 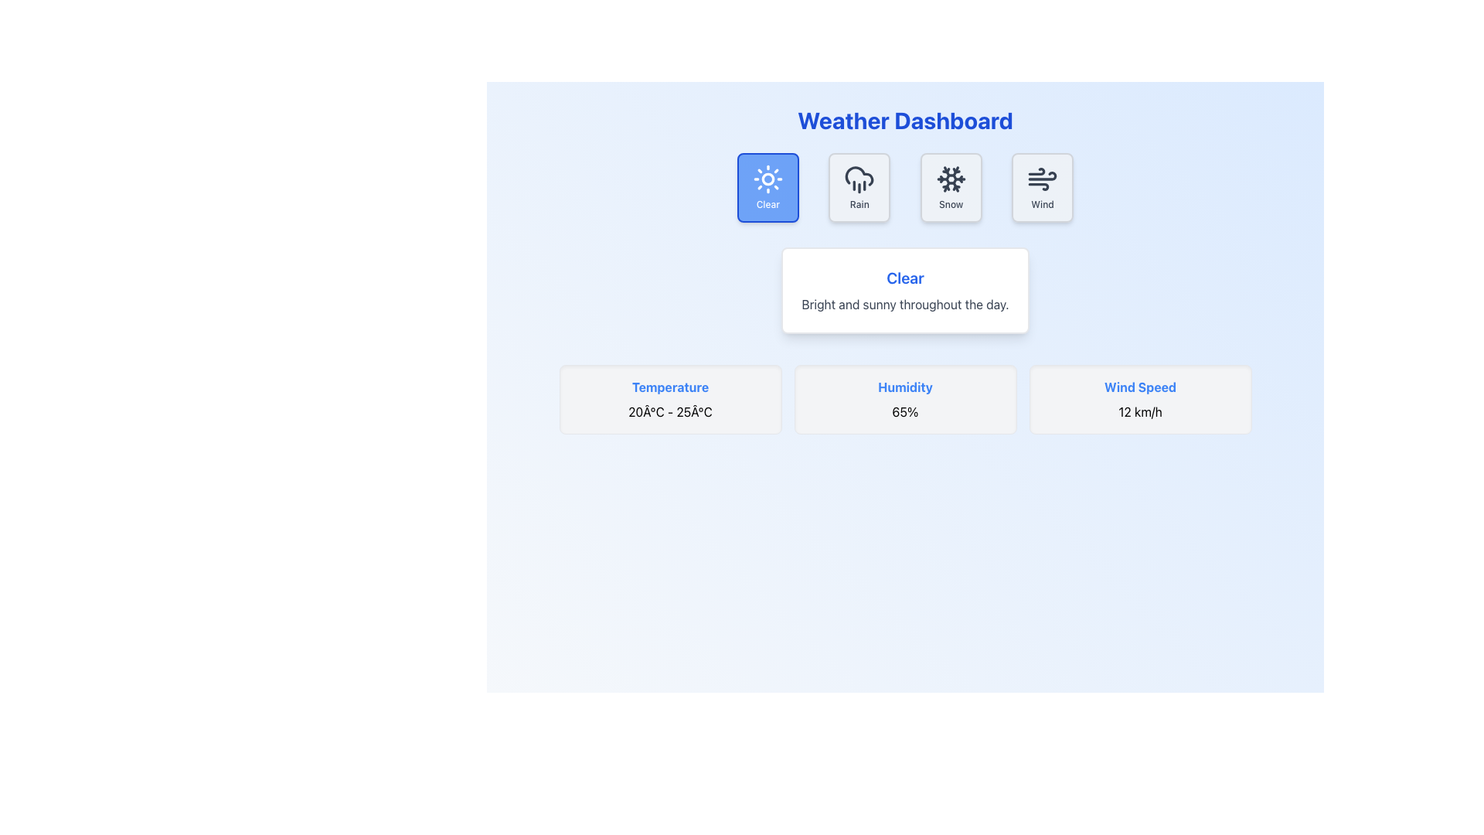 What do you see at coordinates (859, 175) in the screenshot?
I see `the cloud with rain icon, which is the second button from the left in the weather condition buttons row below the 'Weather Dashboard' title` at bounding box center [859, 175].